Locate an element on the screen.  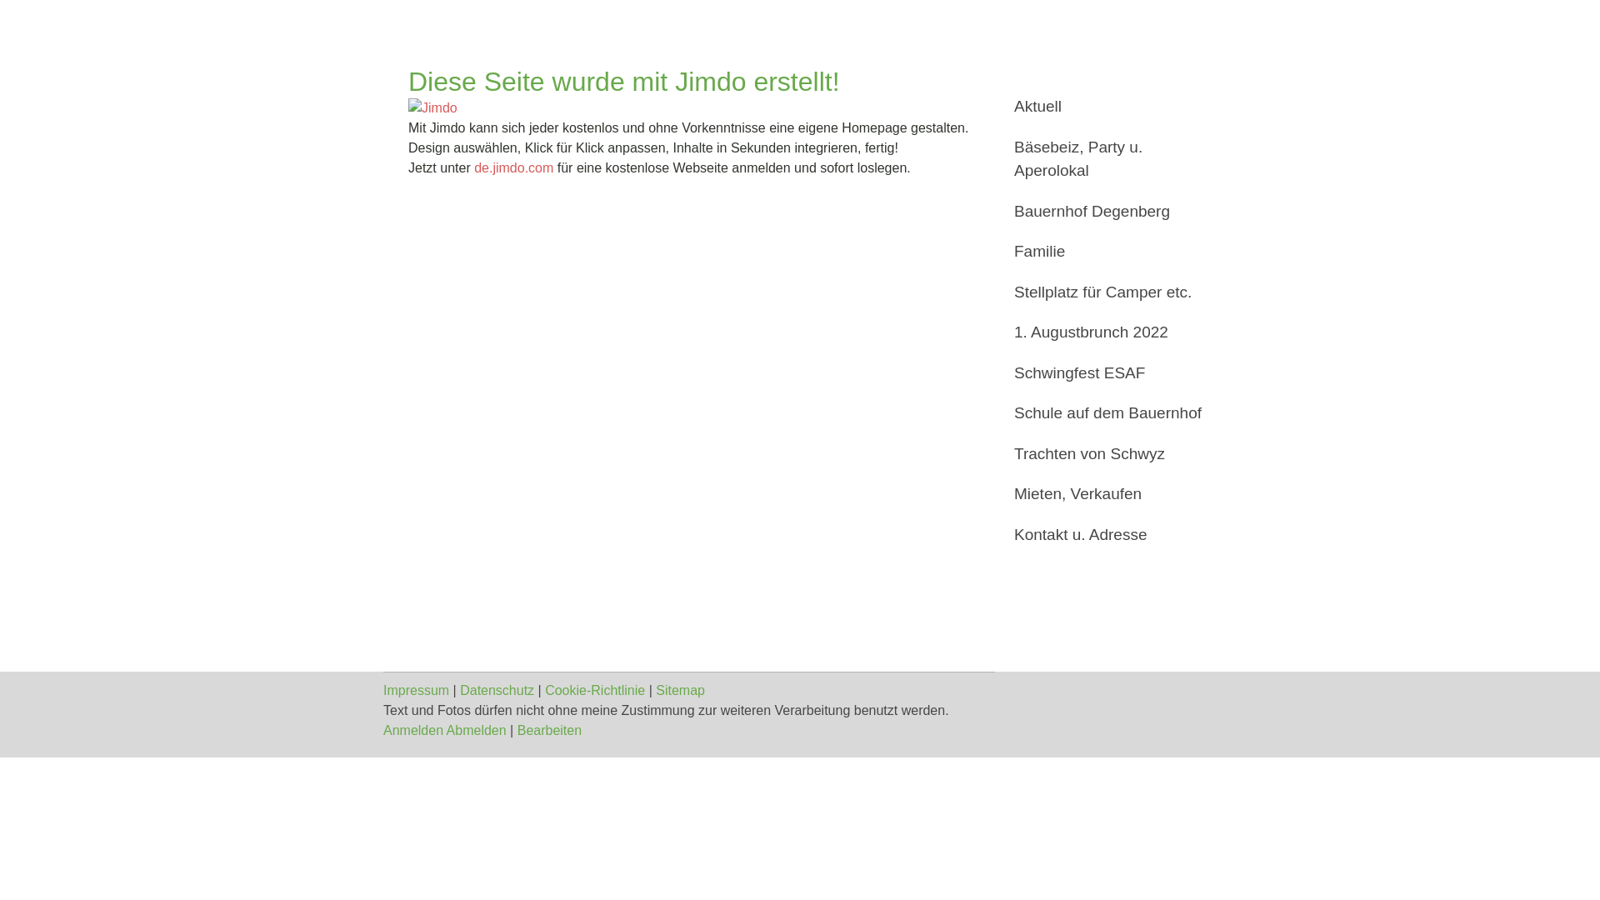
'1. Augustbrunch 2022' is located at coordinates (1107, 332).